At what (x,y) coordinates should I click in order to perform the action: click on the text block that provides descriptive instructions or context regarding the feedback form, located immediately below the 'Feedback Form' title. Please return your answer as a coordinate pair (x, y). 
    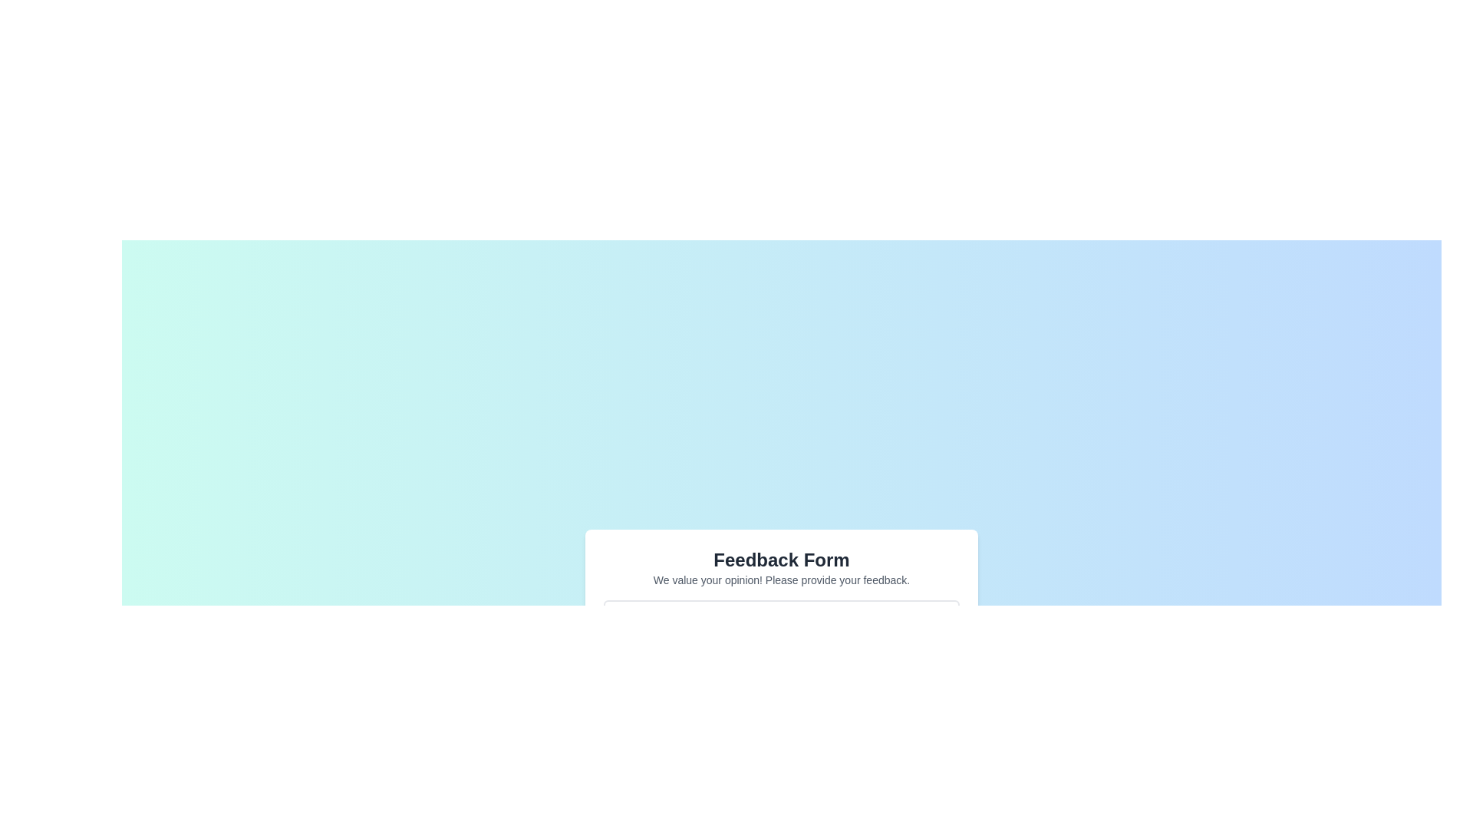
    Looking at the image, I should click on (781, 580).